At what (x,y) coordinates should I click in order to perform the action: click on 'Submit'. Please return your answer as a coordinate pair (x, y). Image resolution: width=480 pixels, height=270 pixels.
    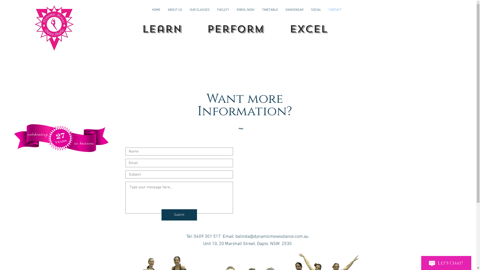
    Looking at the image, I should click on (179, 214).